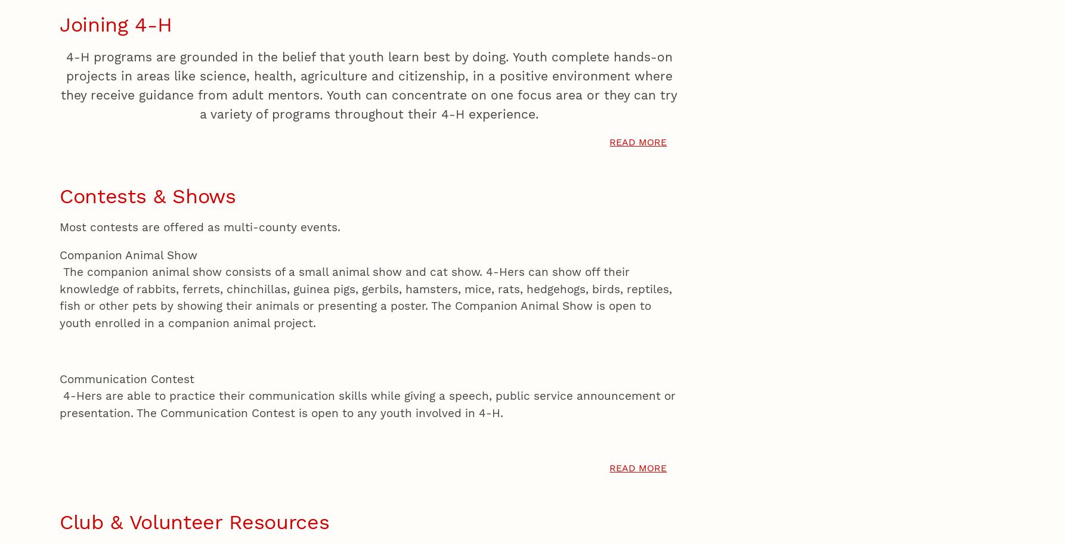 The image size is (1065, 544). I want to click on 'Web Developer Network', so click(309, 74).